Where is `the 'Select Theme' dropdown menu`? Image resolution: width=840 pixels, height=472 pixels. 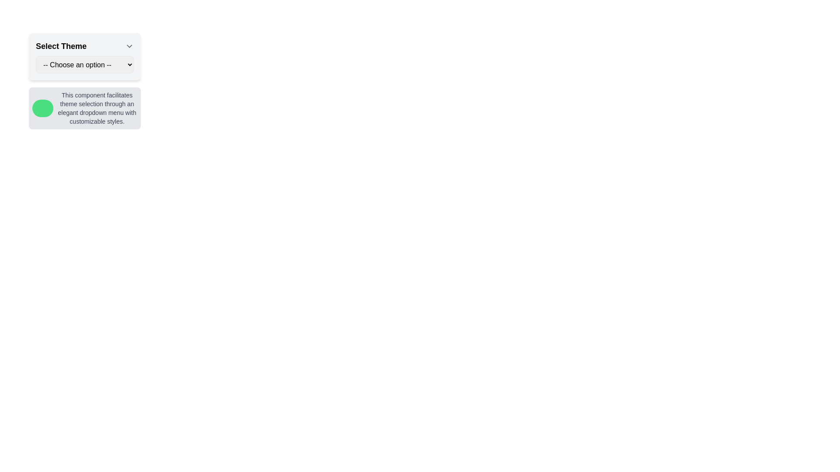 the 'Select Theme' dropdown menu is located at coordinates (84, 81).